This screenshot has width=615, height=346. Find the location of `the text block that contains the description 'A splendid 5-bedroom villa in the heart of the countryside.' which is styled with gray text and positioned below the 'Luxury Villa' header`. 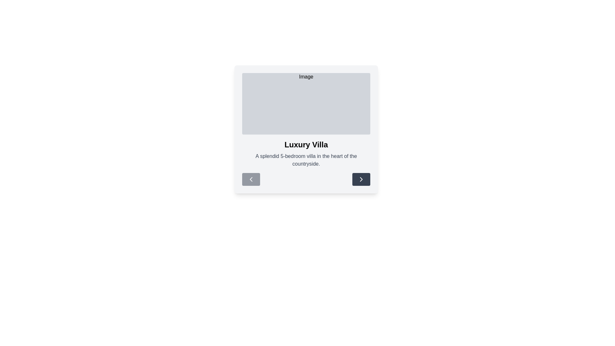

the text block that contains the description 'A splendid 5-bedroom villa in the heart of the countryside.' which is styled with gray text and positioned below the 'Luxury Villa' header is located at coordinates (306, 160).